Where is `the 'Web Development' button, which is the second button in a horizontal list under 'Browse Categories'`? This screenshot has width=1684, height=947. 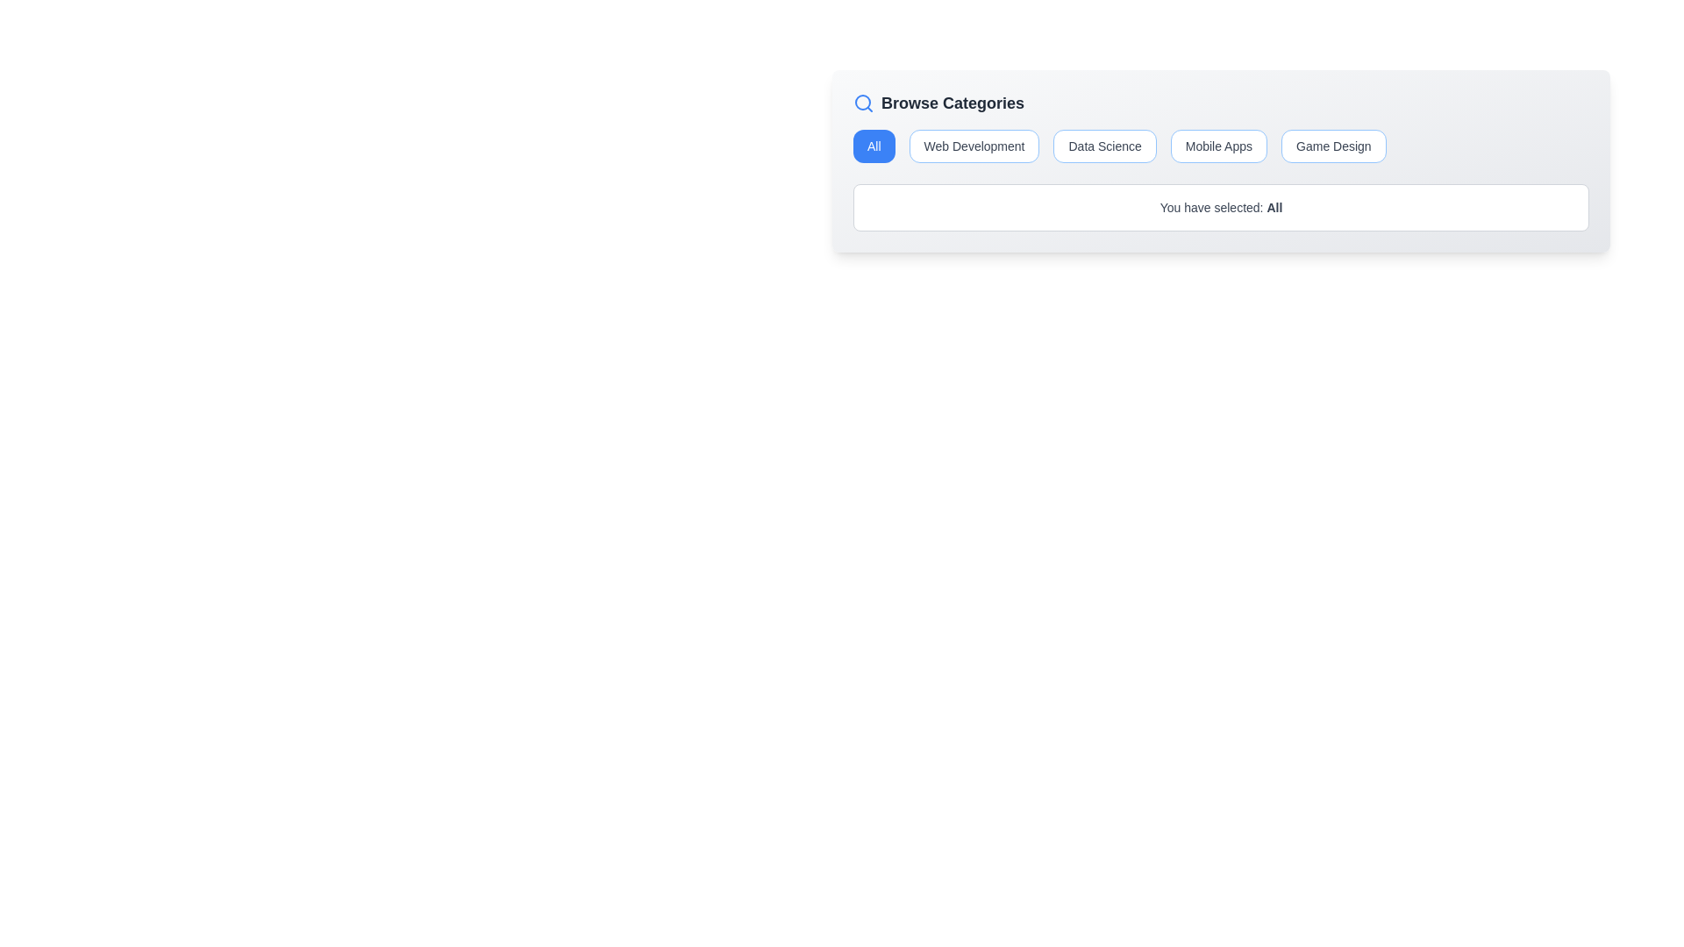
the 'Web Development' button, which is the second button in a horizontal list under 'Browse Categories' is located at coordinates (974, 145).